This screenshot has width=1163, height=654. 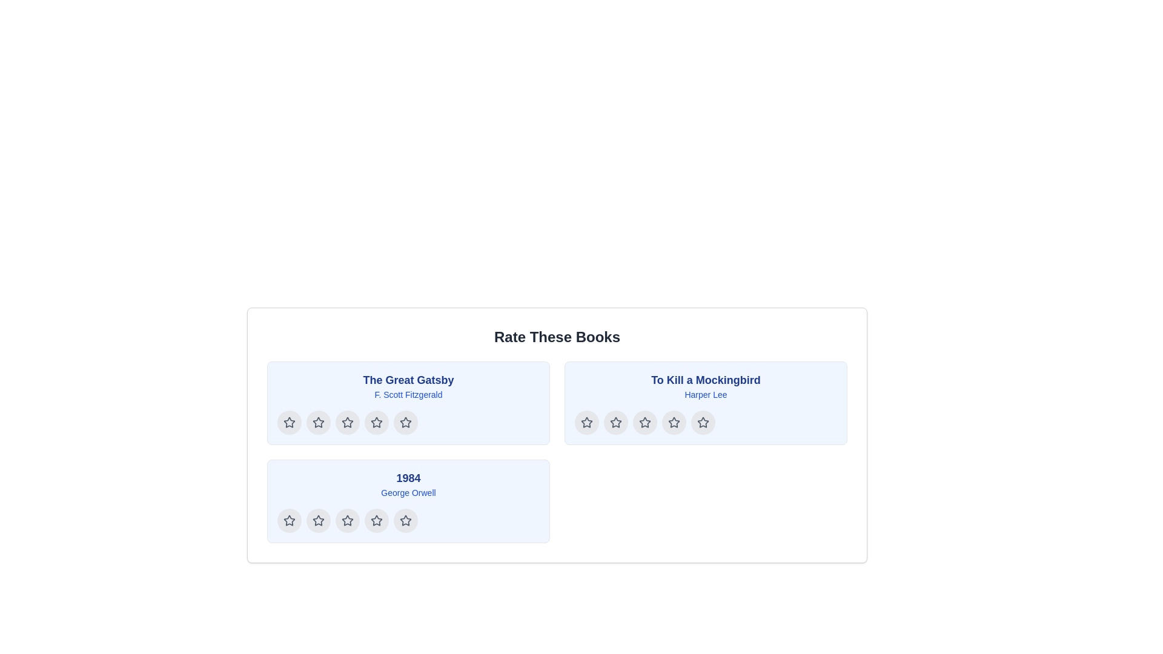 I want to click on the first star-shaped rating icon to give a one-star rating to 'The Great Gatsby', so click(x=319, y=421).